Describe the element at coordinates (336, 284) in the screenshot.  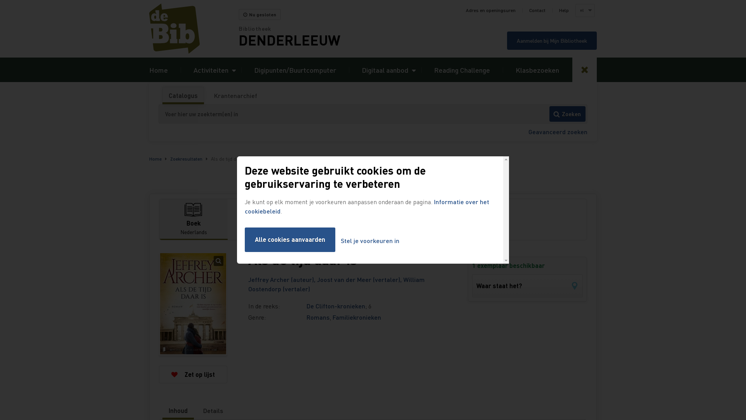
I see `'William Oostendorp (vertaler)'` at that location.